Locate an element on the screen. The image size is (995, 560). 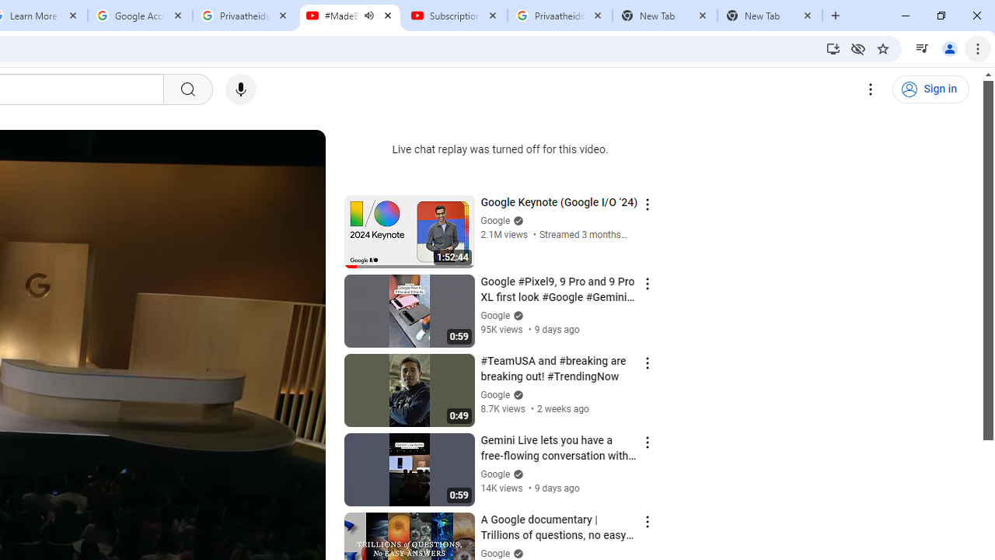
'Subscriptions - YouTube' is located at coordinates (454, 16).